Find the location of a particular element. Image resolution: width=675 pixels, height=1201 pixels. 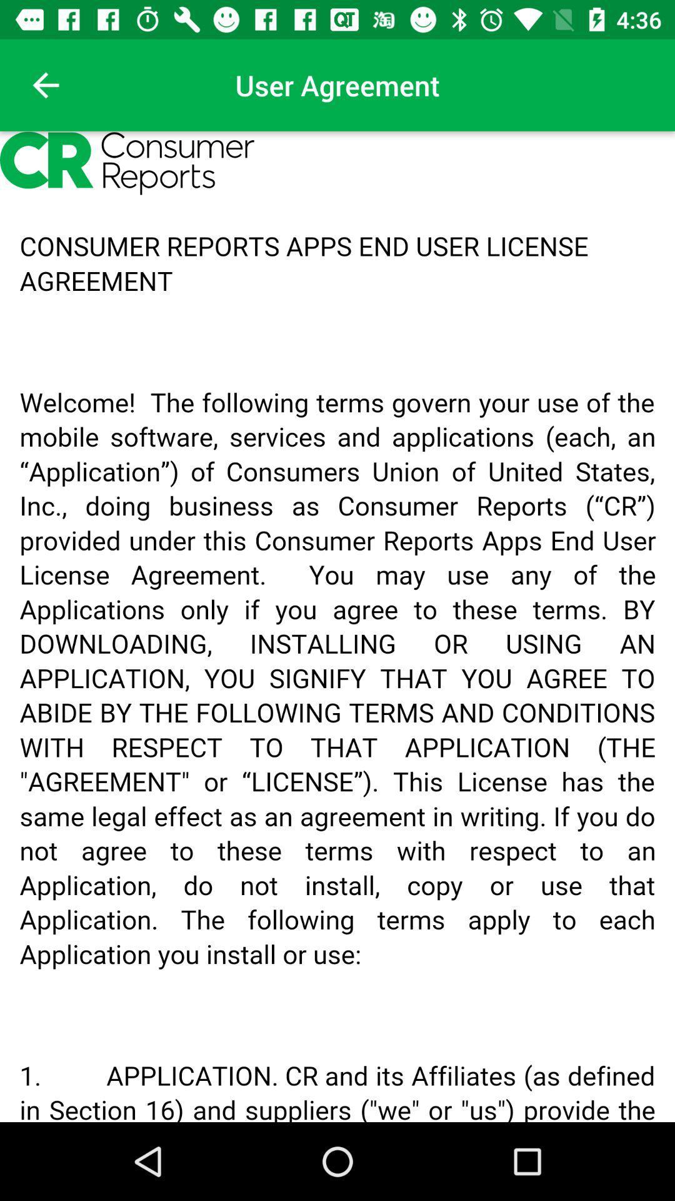

article area is located at coordinates (337, 627).